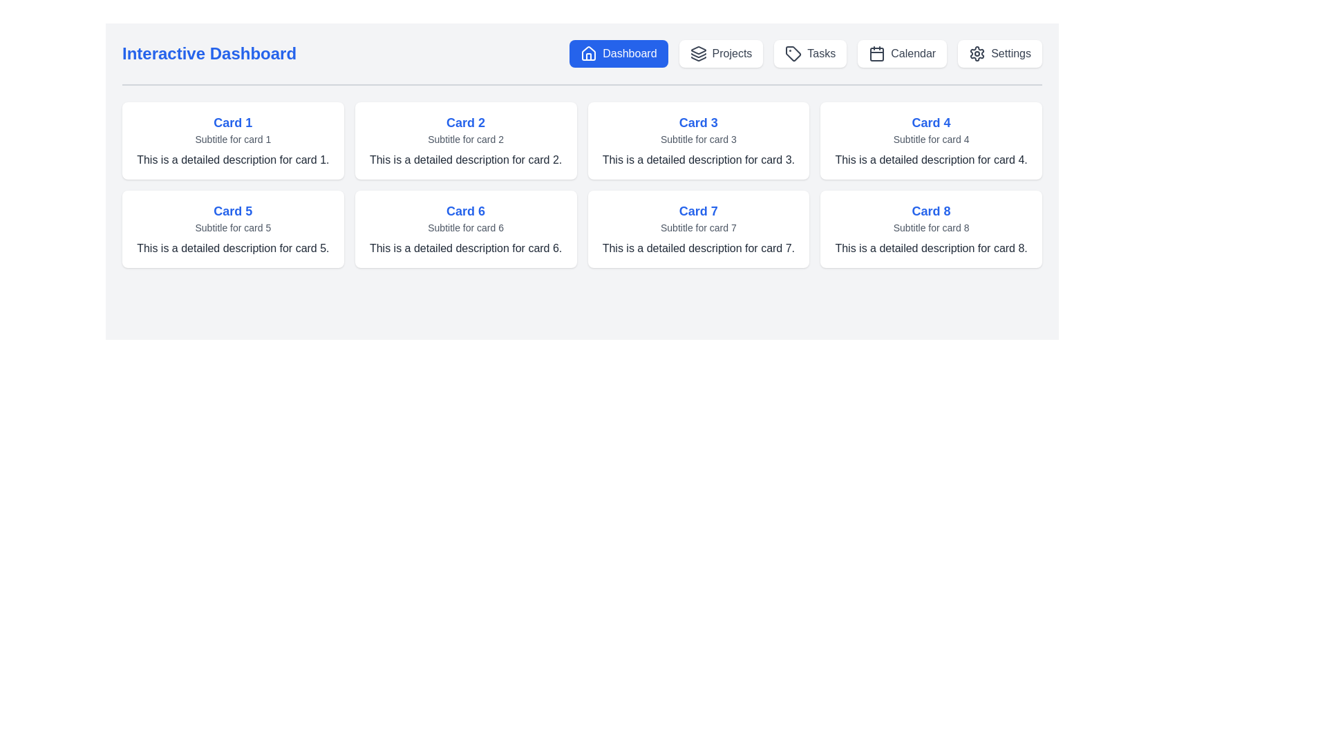 The image size is (1327, 746). I want to click on the bold, blue text label displaying 'Card 1' located at the top of the first card in the grid layout, so click(233, 122).